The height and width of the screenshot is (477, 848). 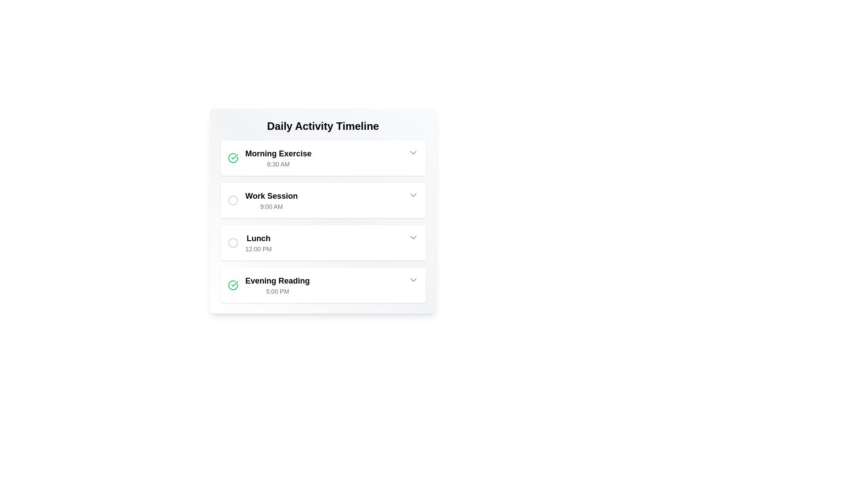 What do you see at coordinates (413, 195) in the screenshot?
I see `the downward-pointing chevron icon with a gray outline` at bounding box center [413, 195].